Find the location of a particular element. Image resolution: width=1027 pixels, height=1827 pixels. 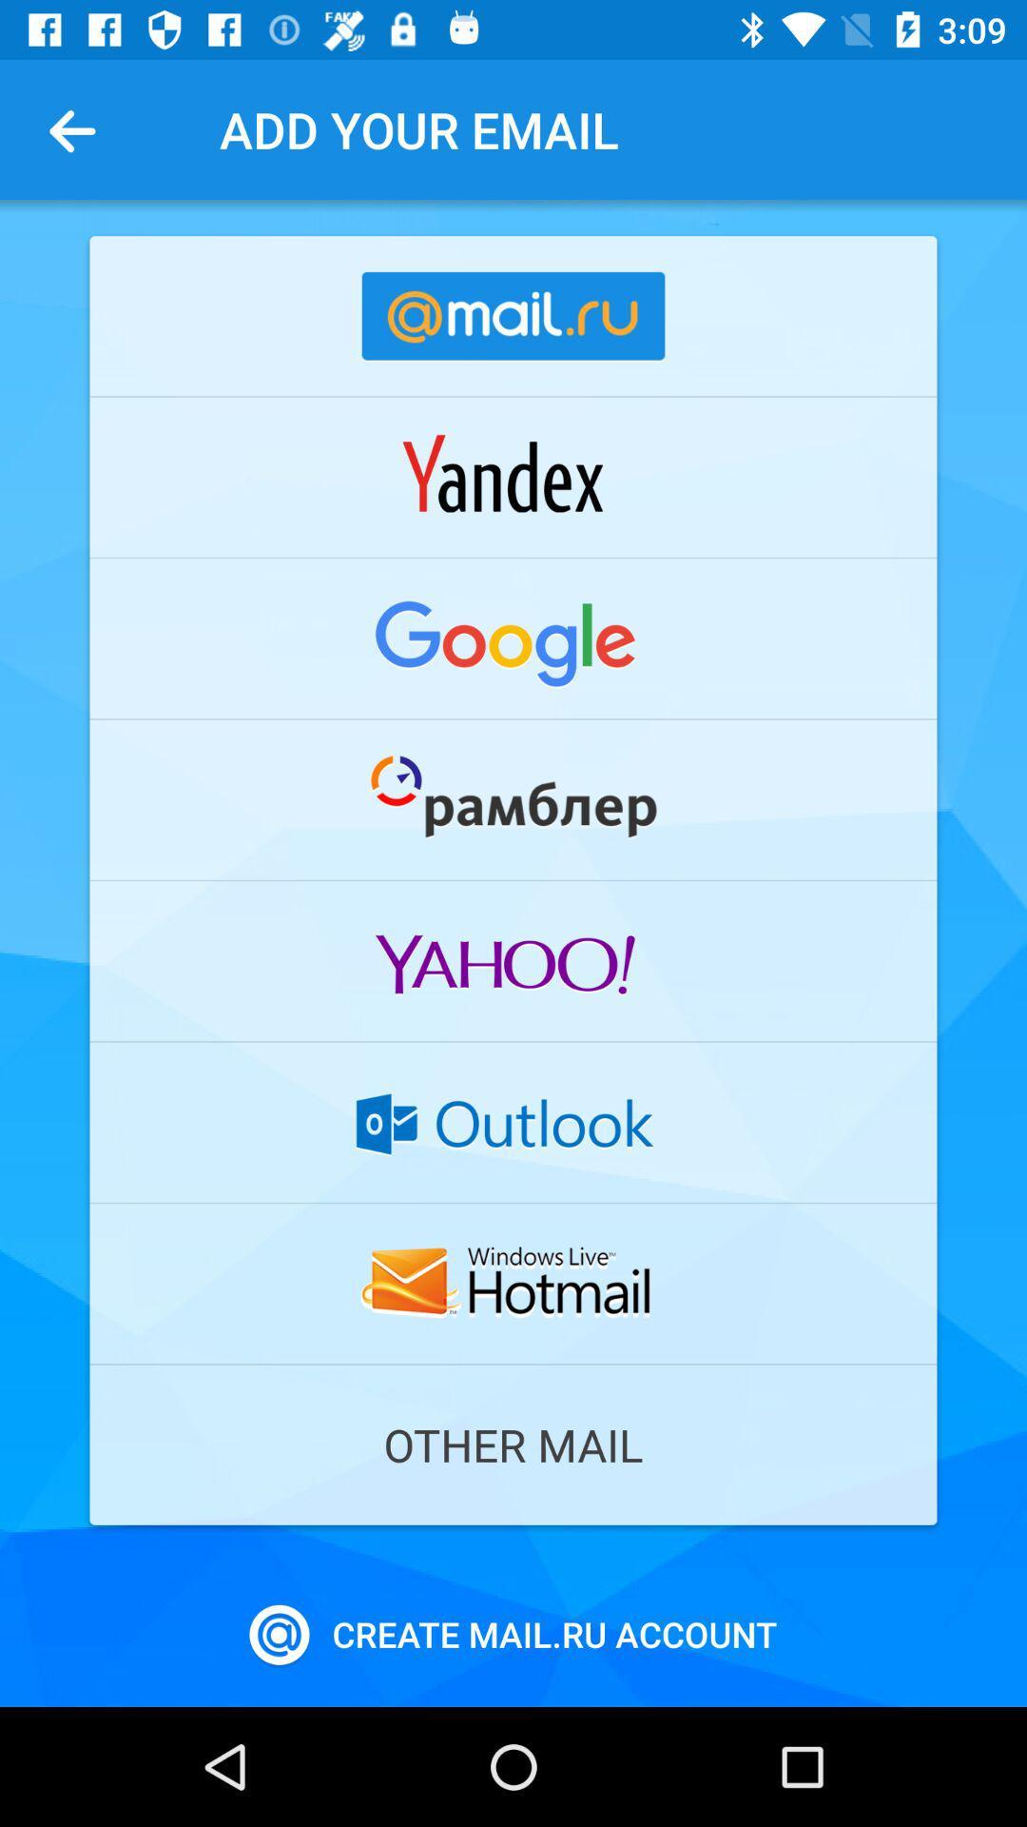

google email is located at coordinates (513, 638).